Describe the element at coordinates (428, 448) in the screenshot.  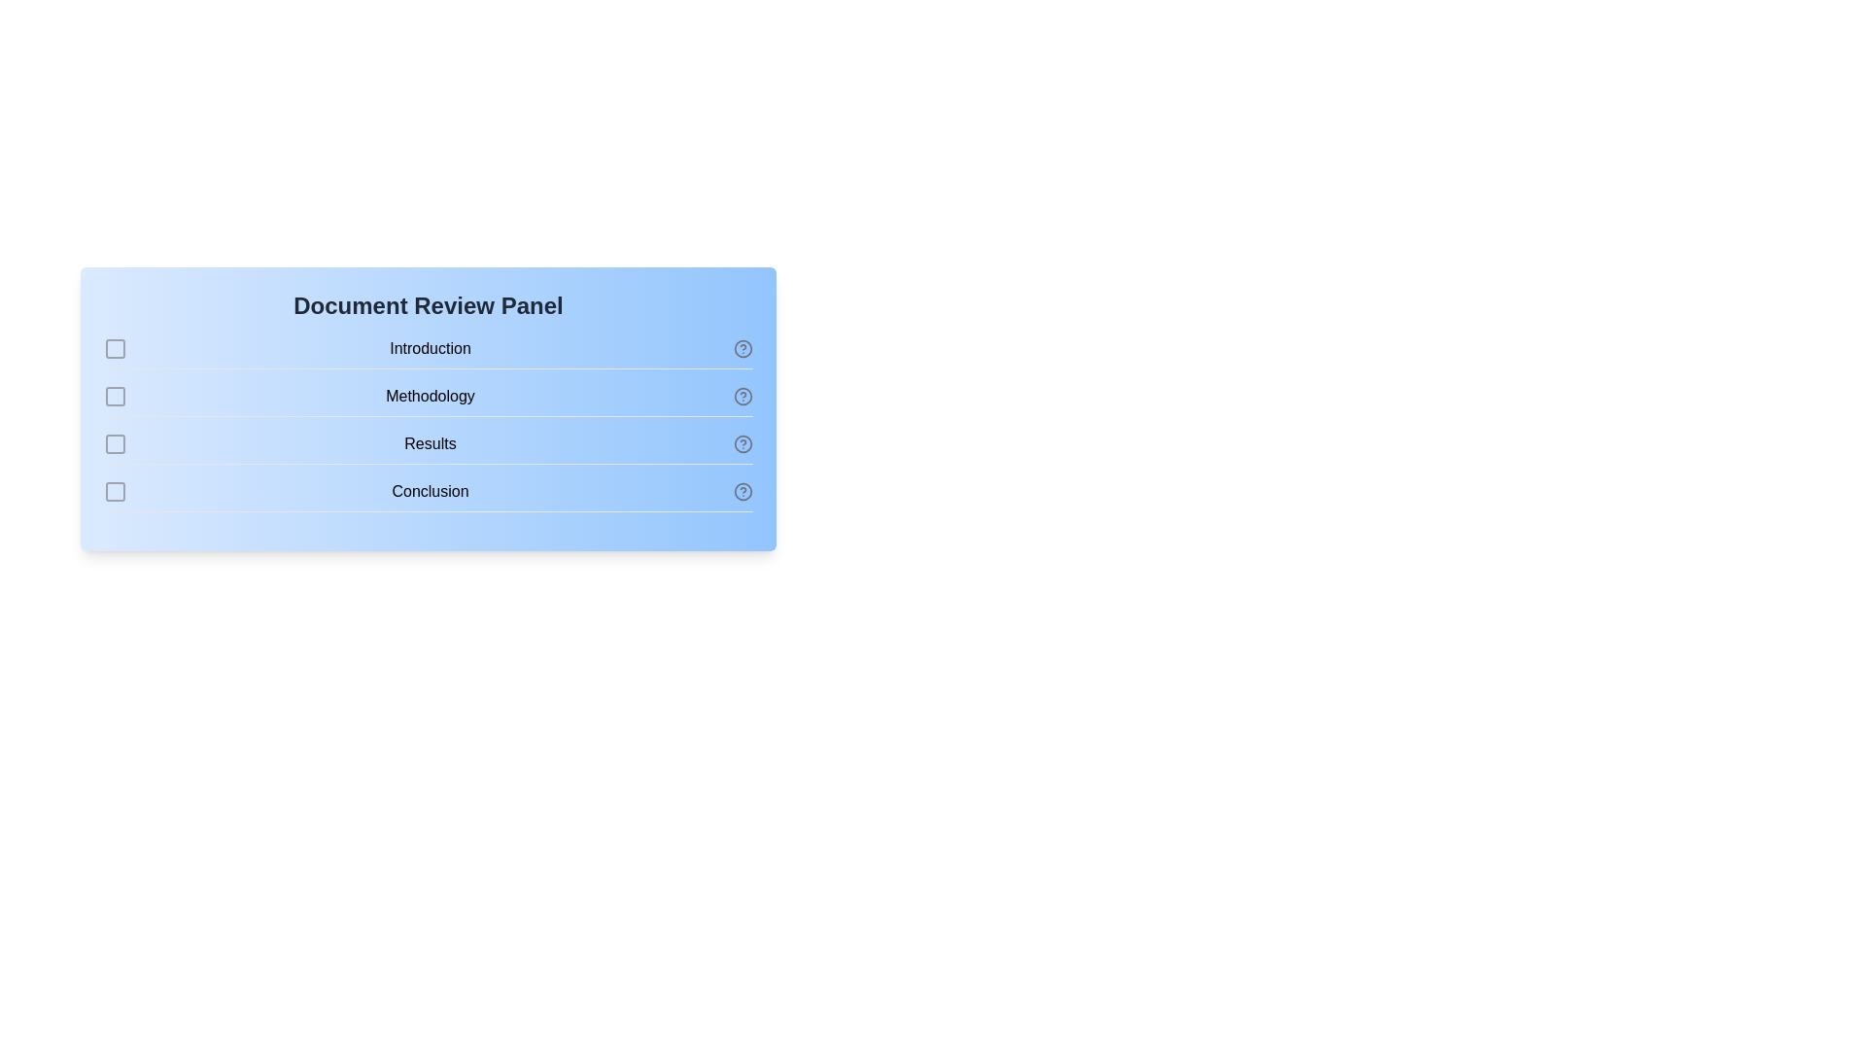
I see `the section name Results to toggle its selection state` at that location.